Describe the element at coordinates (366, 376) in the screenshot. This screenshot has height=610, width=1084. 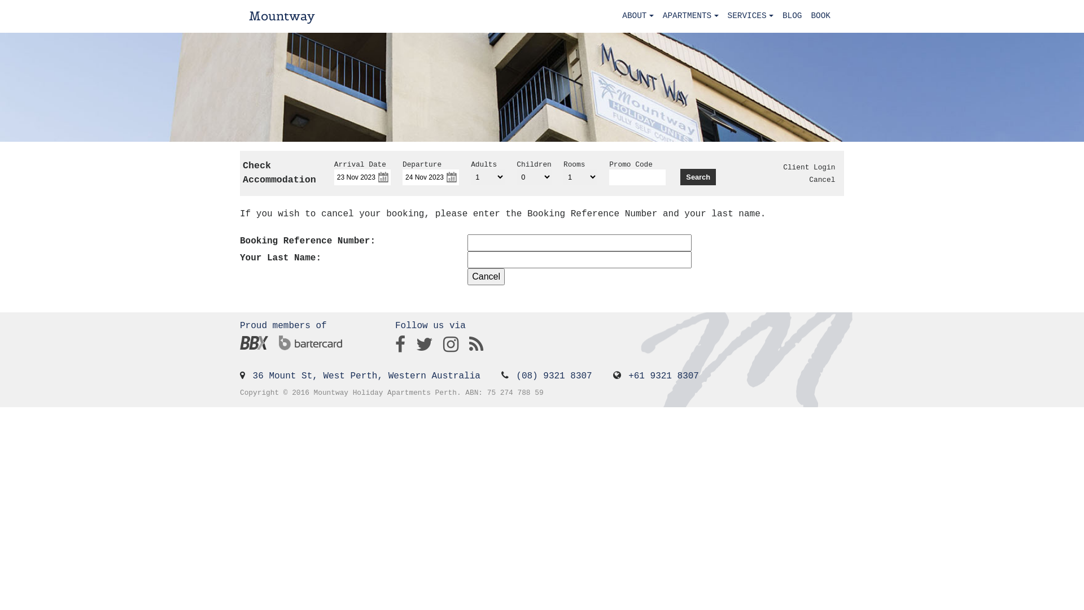
I see `'36 Mount St, West Perth, Western Australia'` at that location.